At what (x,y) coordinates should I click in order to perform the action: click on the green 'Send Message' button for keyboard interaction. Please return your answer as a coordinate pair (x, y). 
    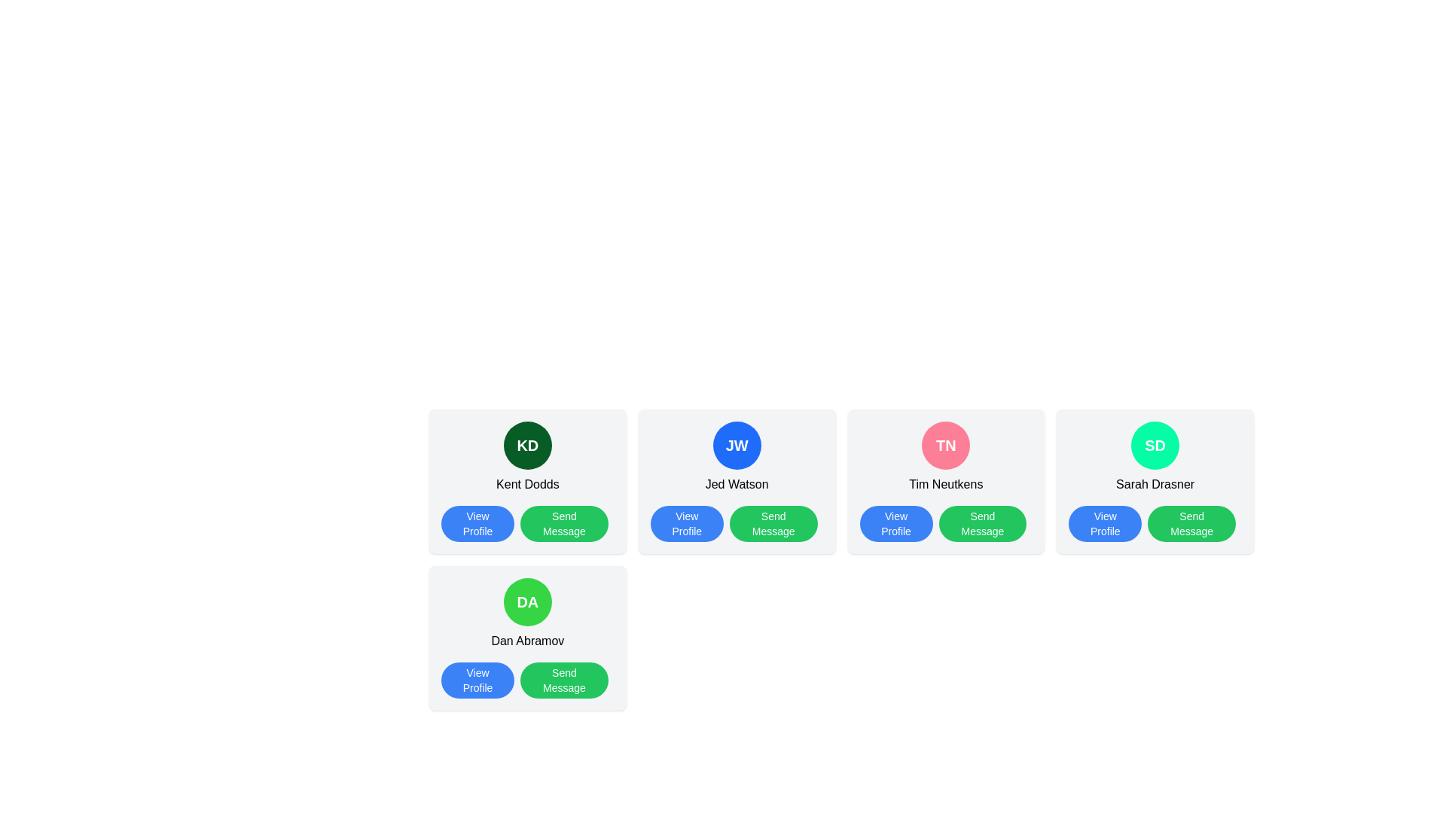
    Looking at the image, I should click on (563, 522).